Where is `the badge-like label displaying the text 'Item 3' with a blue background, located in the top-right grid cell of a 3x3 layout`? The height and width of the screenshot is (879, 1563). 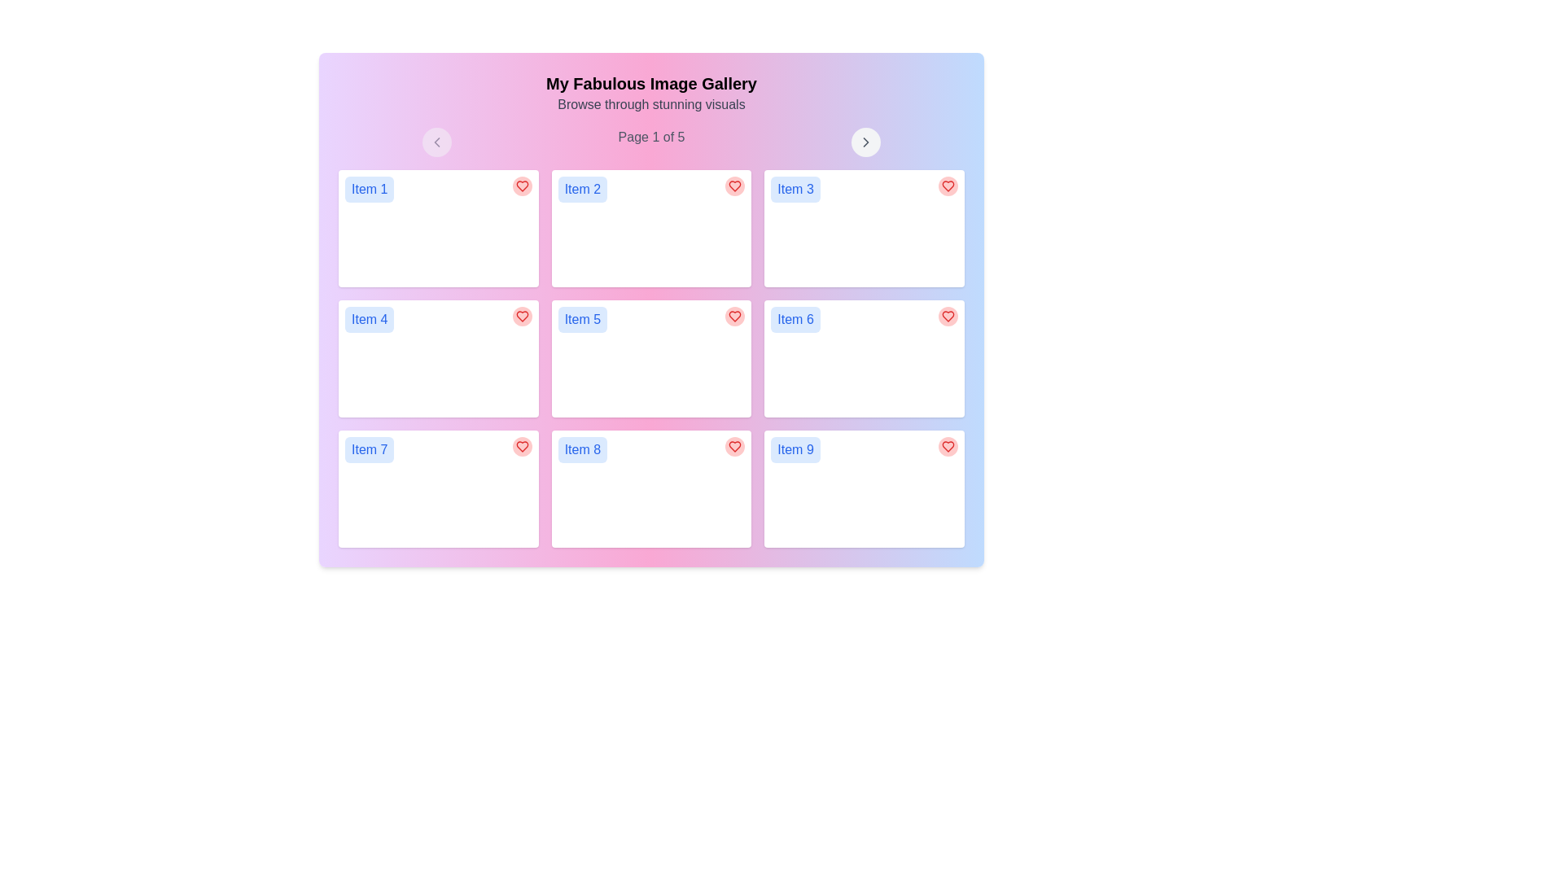 the badge-like label displaying the text 'Item 3' with a blue background, located in the top-right grid cell of a 3x3 layout is located at coordinates (795, 188).